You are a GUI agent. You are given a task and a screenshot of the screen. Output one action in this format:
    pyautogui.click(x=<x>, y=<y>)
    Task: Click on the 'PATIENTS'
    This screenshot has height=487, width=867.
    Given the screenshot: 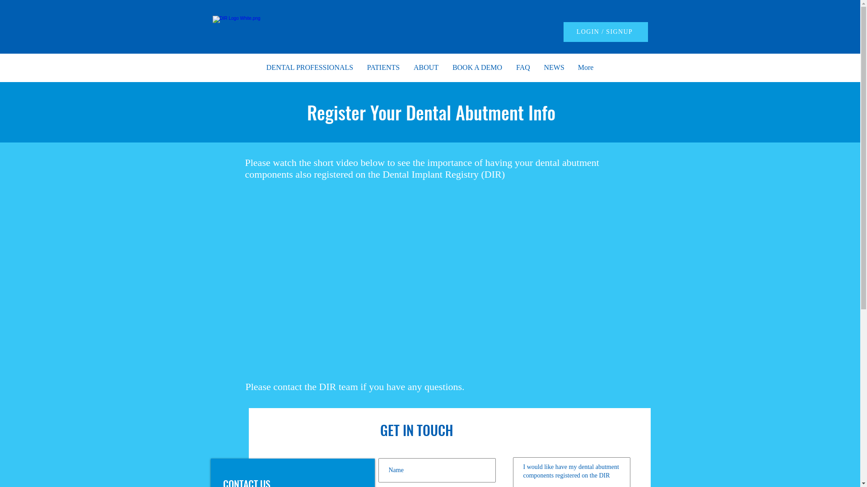 What is the action you would take?
    pyautogui.click(x=383, y=67)
    